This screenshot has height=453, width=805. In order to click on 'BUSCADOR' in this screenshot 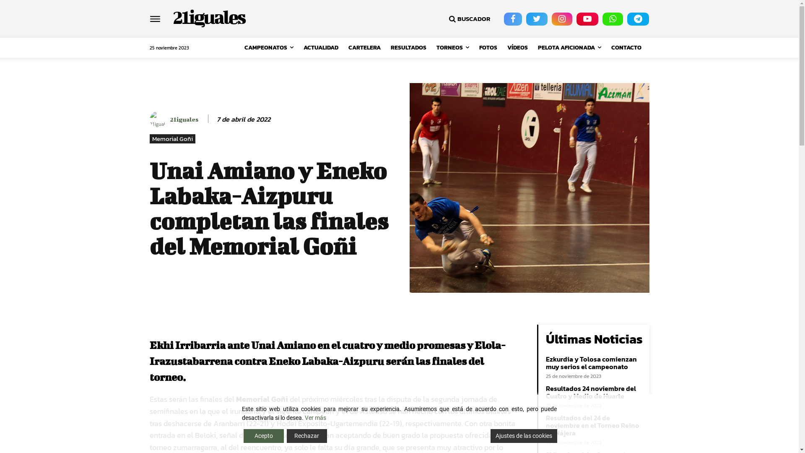, I will do `click(468, 19)`.